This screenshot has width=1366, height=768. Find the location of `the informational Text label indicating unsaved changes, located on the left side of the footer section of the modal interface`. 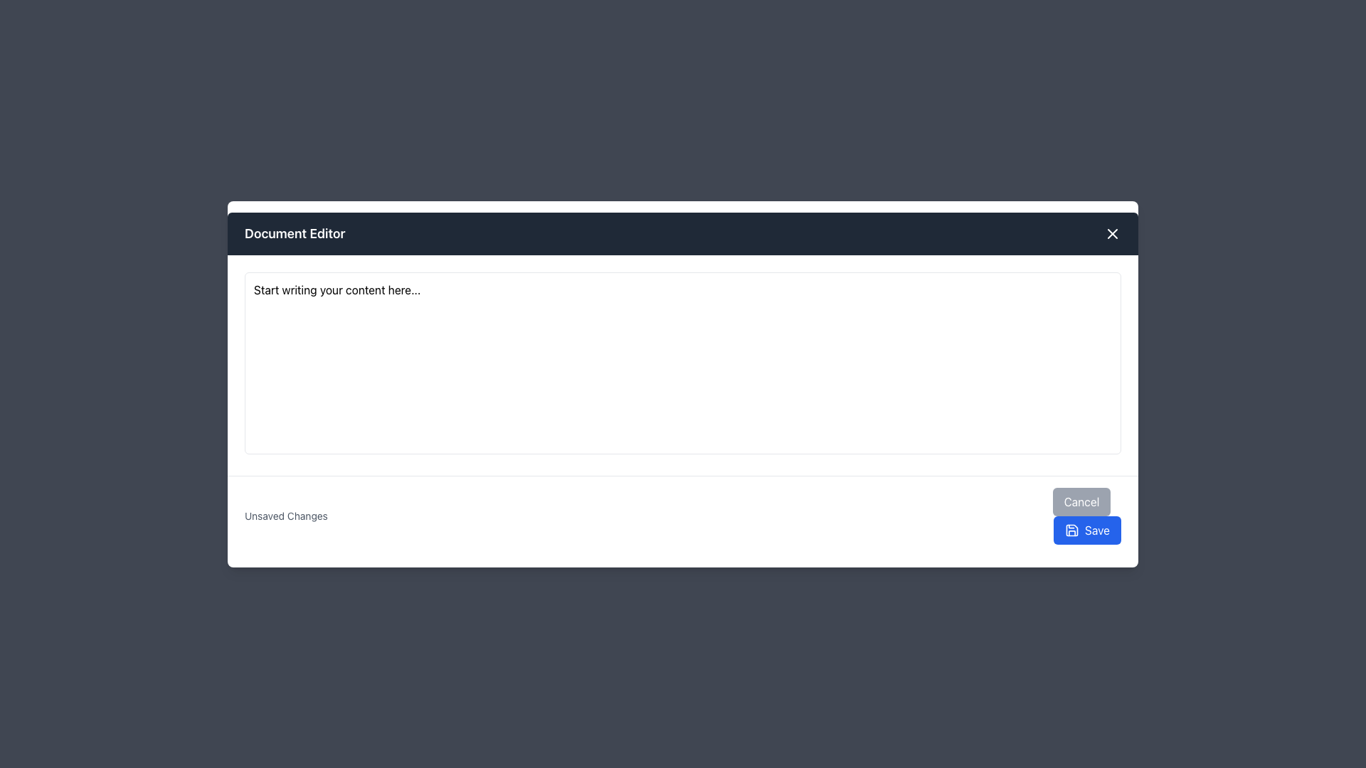

the informational Text label indicating unsaved changes, located on the left side of the footer section of the modal interface is located at coordinates (285, 516).